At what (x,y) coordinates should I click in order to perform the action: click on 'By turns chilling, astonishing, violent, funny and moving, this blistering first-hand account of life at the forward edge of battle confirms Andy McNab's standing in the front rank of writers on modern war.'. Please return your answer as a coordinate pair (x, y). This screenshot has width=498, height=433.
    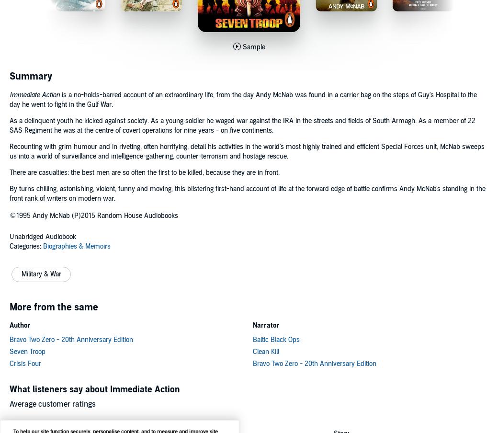
    Looking at the image, I should click on (9, 194).